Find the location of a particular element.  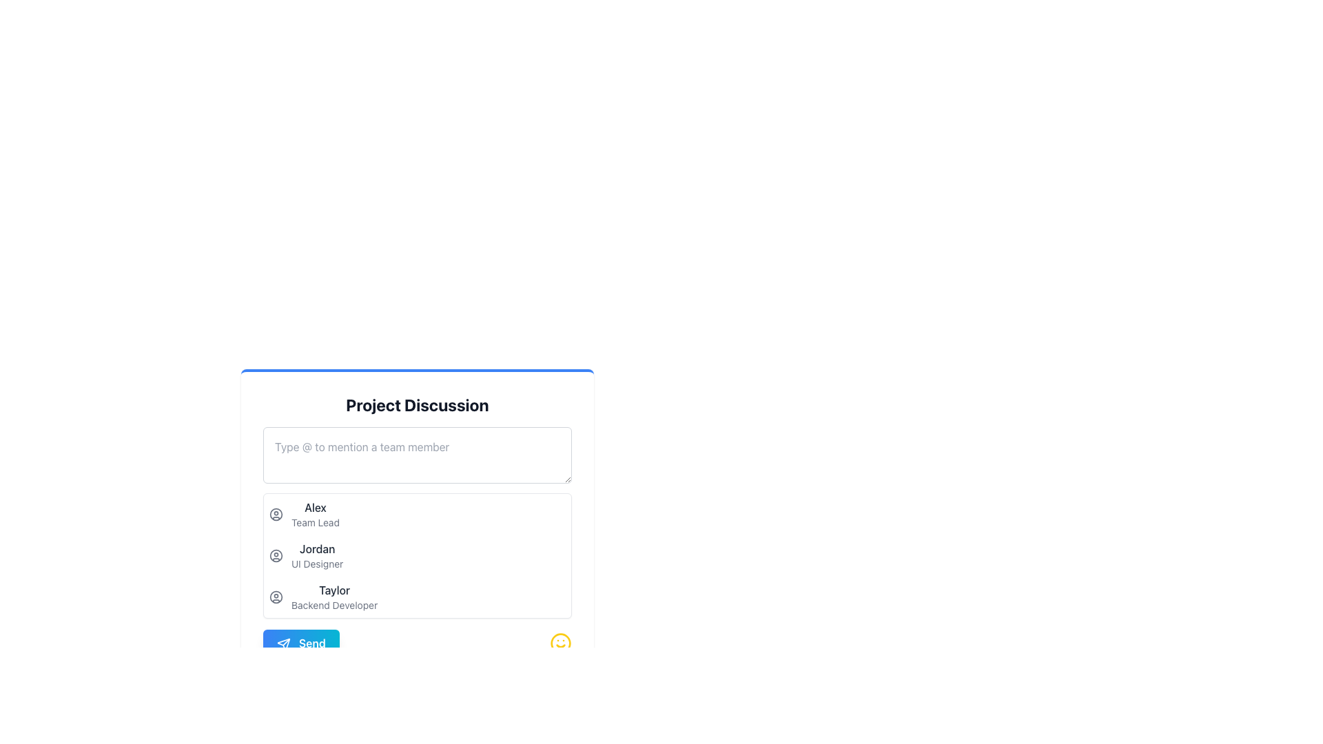

the 'Team Lead' text label, which is styled in a small light gray font and positioned below the bold 'Alex' text label in the user list interface is located at coordinates (314, 523).